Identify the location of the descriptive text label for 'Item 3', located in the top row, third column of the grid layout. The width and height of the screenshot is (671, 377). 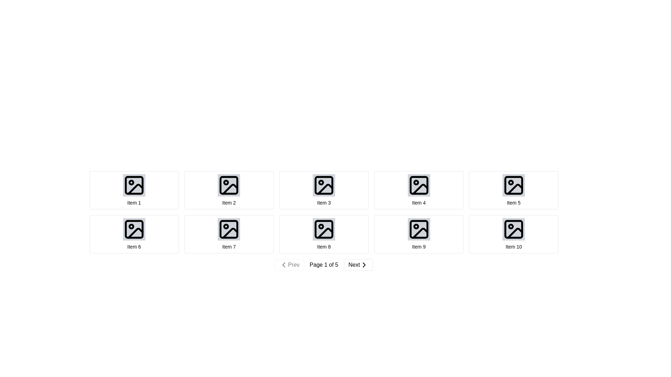
(323, 203).